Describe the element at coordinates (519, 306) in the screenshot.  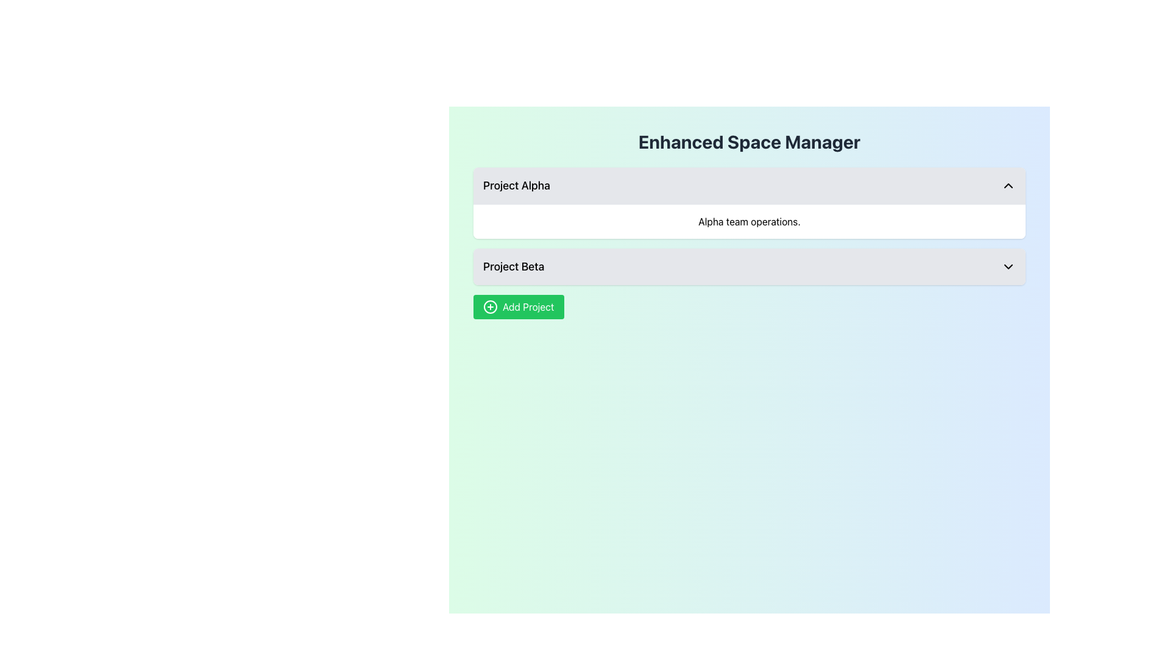
I see `the button located at the bottom left of the content area` at that location.